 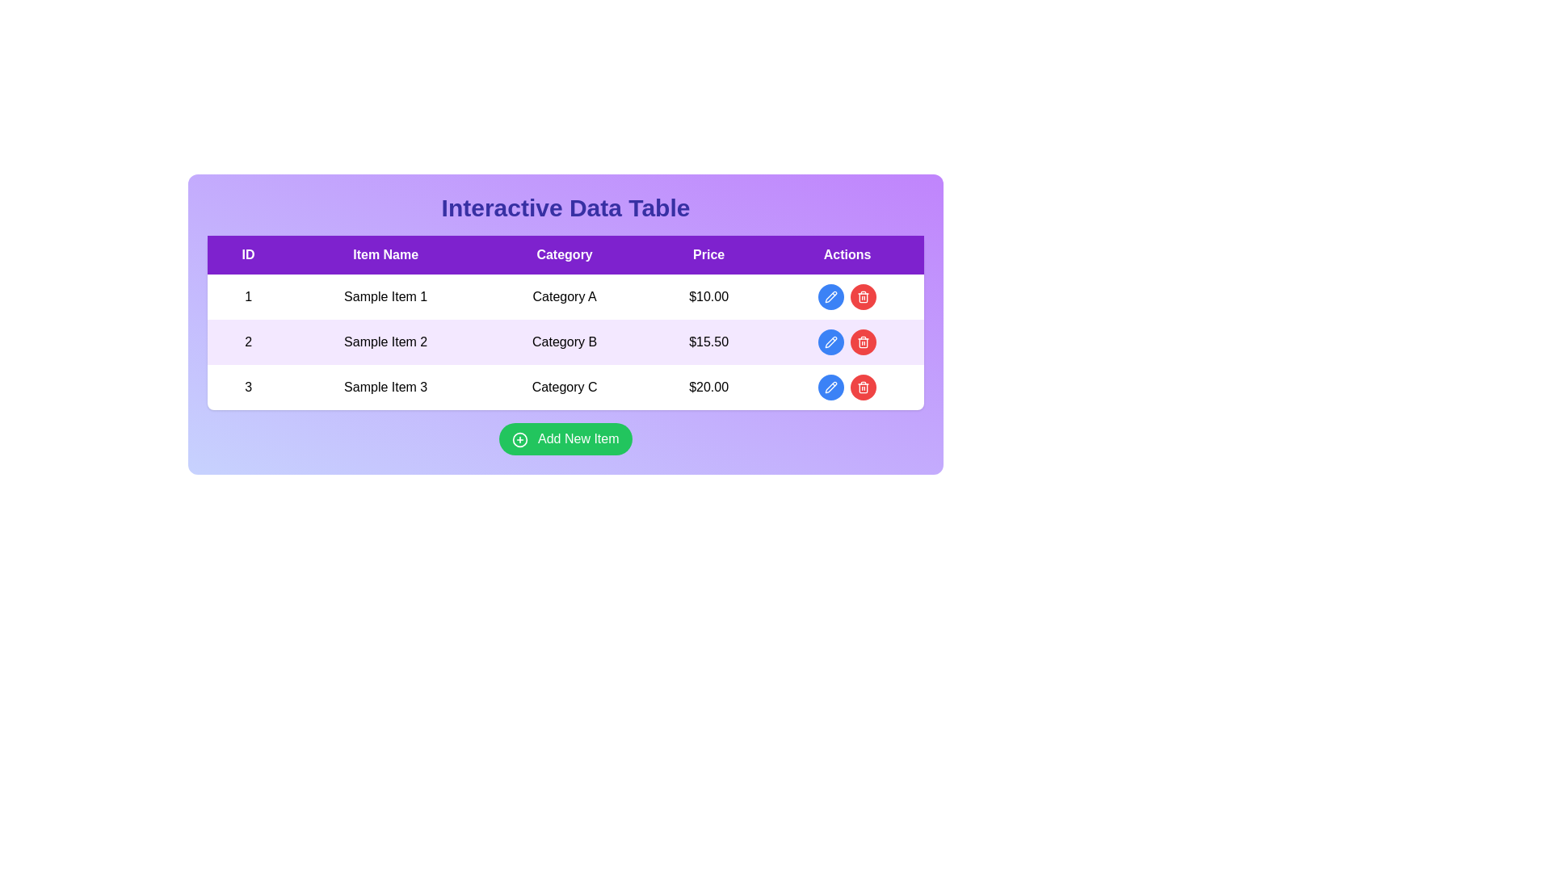 What do you see at coordinates (565, 296) in the screenshot?
I see `the 'Category' text label in the interactive data table, which is located in the second cell of the first row, between 'Sample Item 1' and '$10.00'` at bounding box center [565, 296].